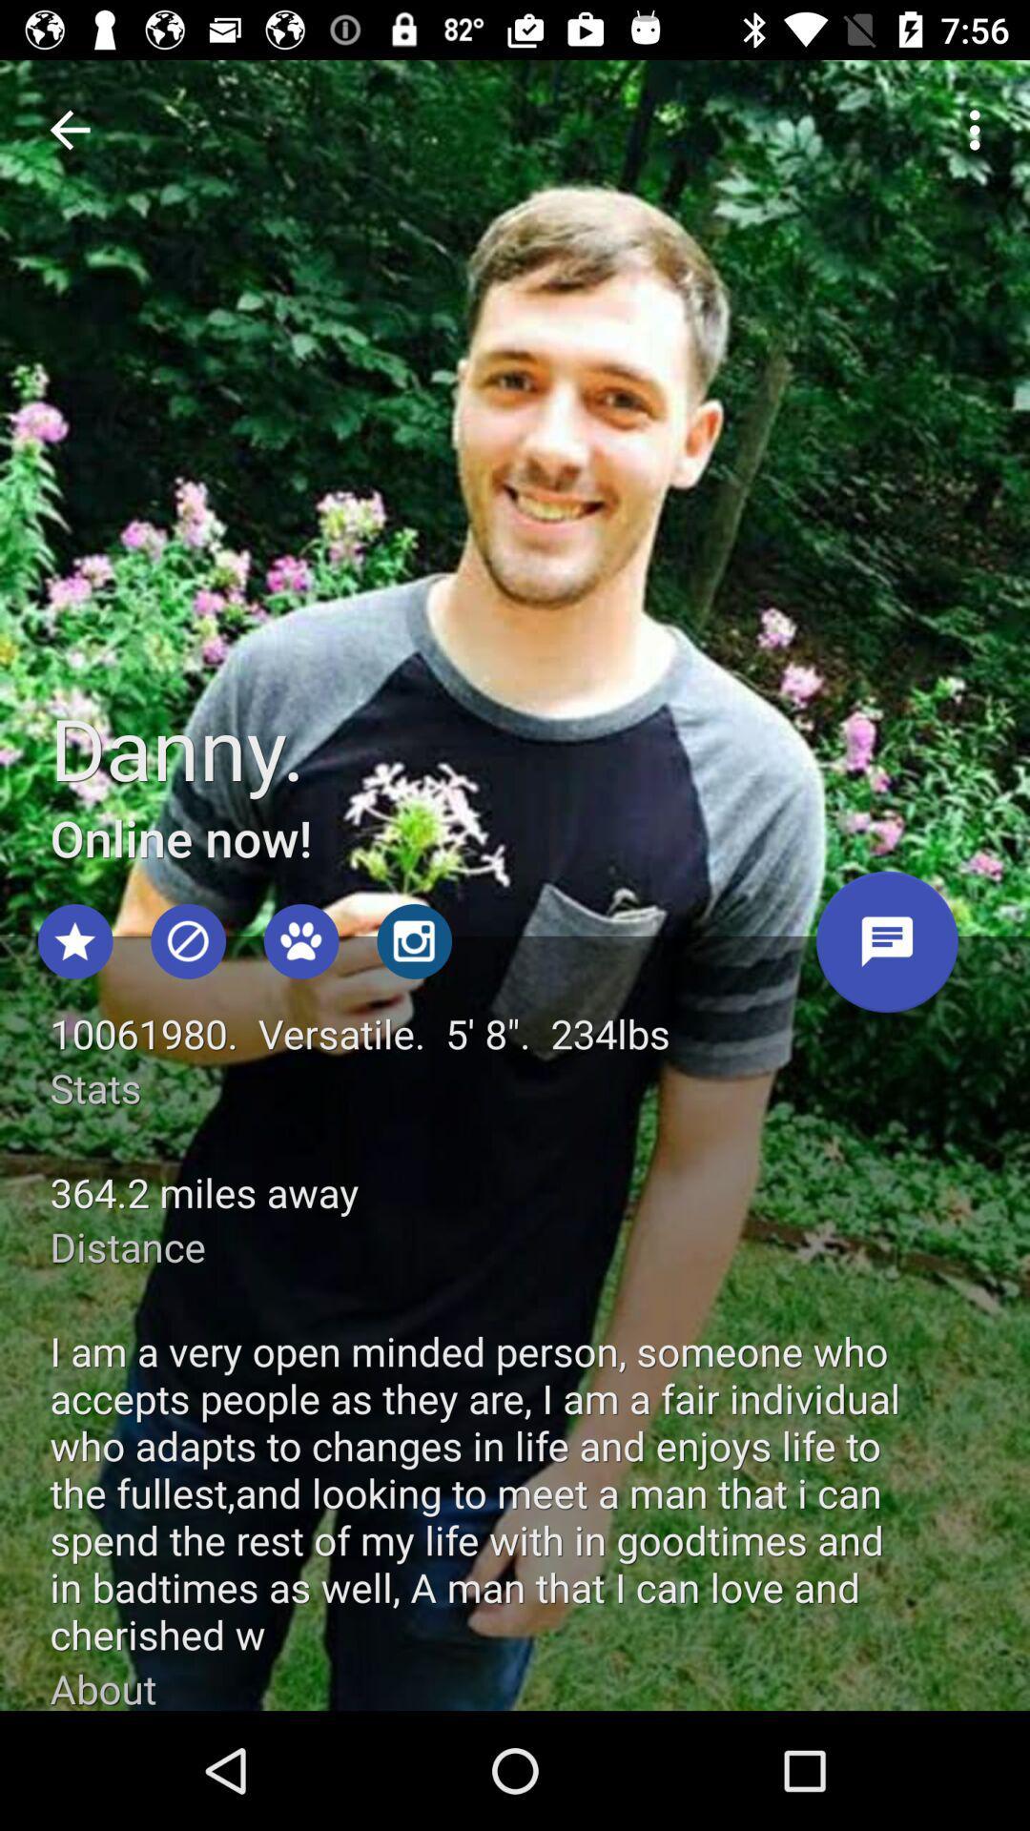 This screenshot has height=1831, width=1030. Describe the element at coordinates (74, 941) in the screenshot. I see `the star icon` at that location.